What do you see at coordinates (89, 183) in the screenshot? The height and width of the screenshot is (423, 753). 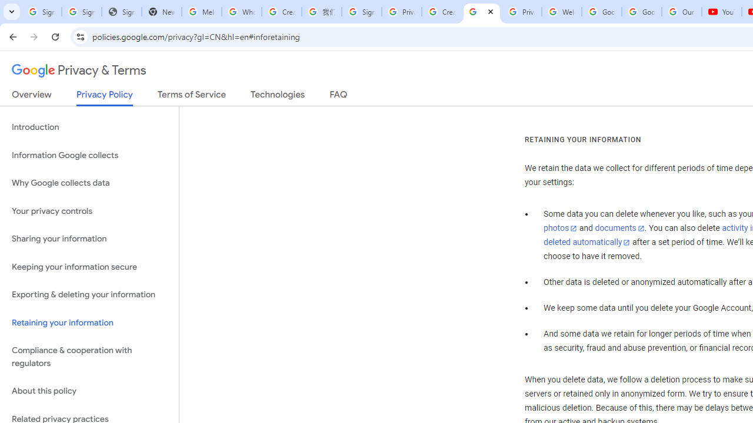 I see `'Why Google collects data'` at bounding box center [89, 183].